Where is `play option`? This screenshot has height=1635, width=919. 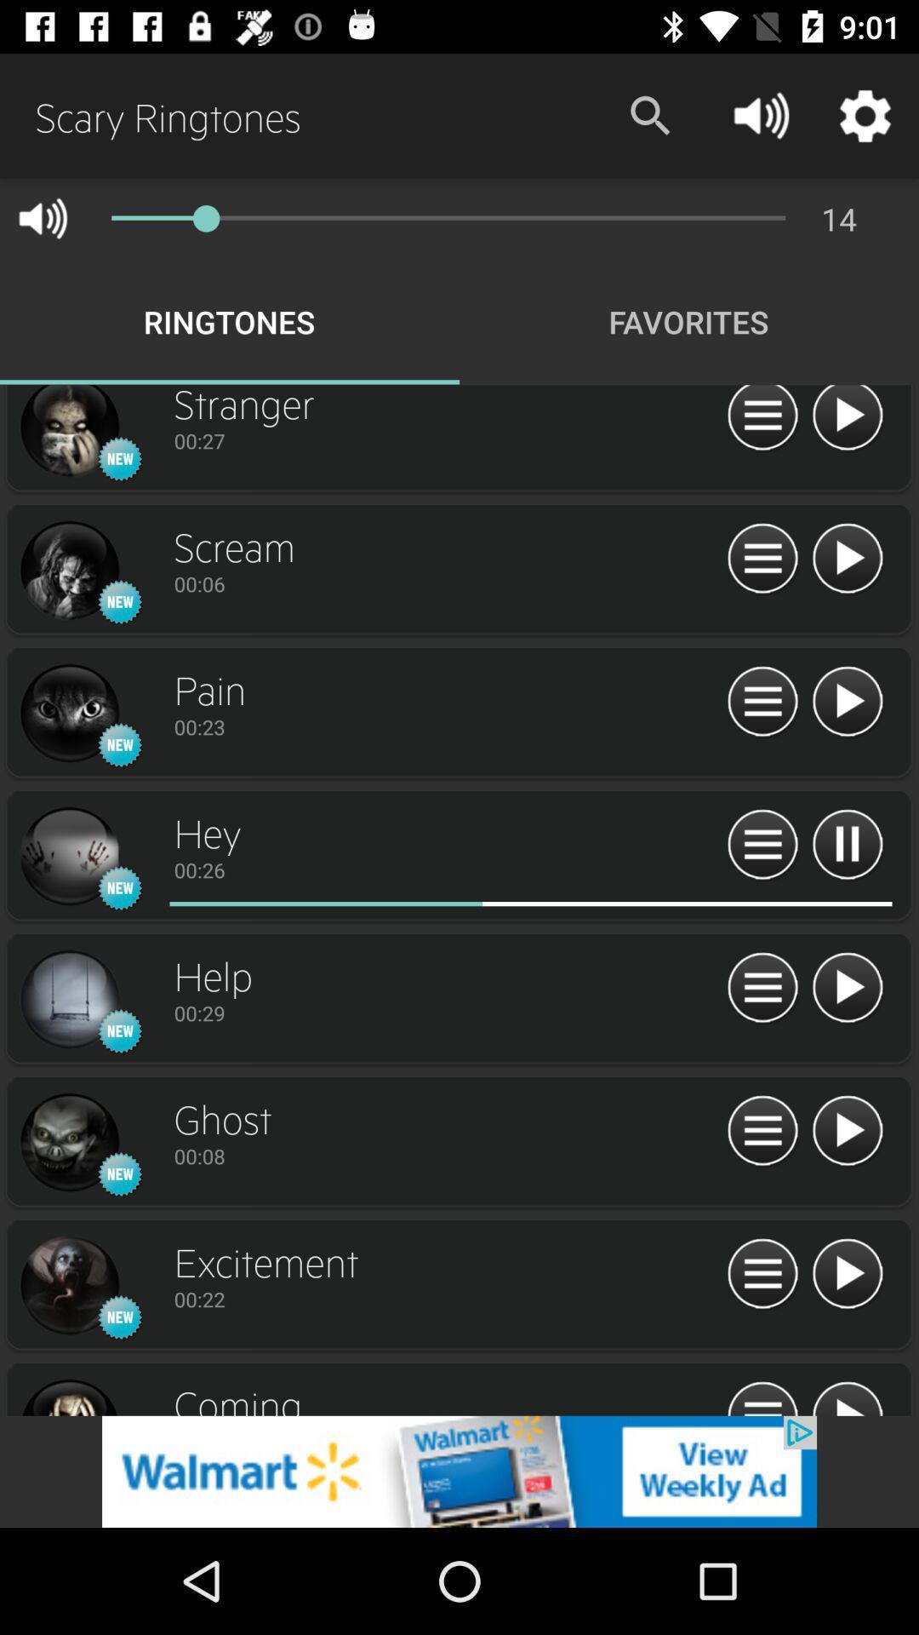
play option is located at coordinates (762, 1275).